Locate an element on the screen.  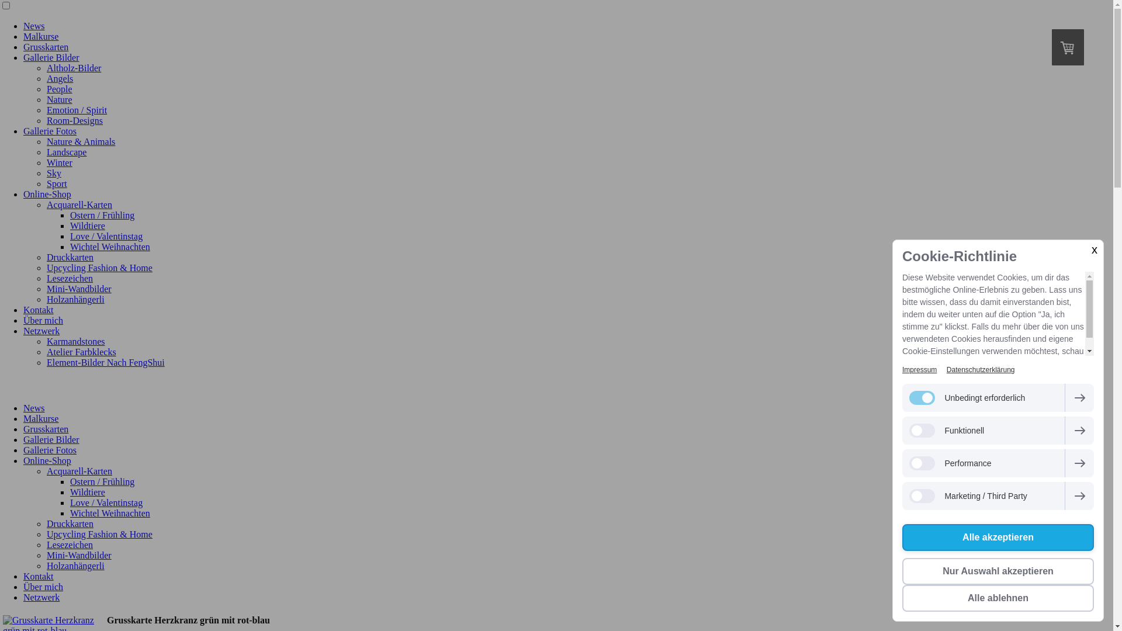
'Malkurse' is located at coordinates (41, 418).